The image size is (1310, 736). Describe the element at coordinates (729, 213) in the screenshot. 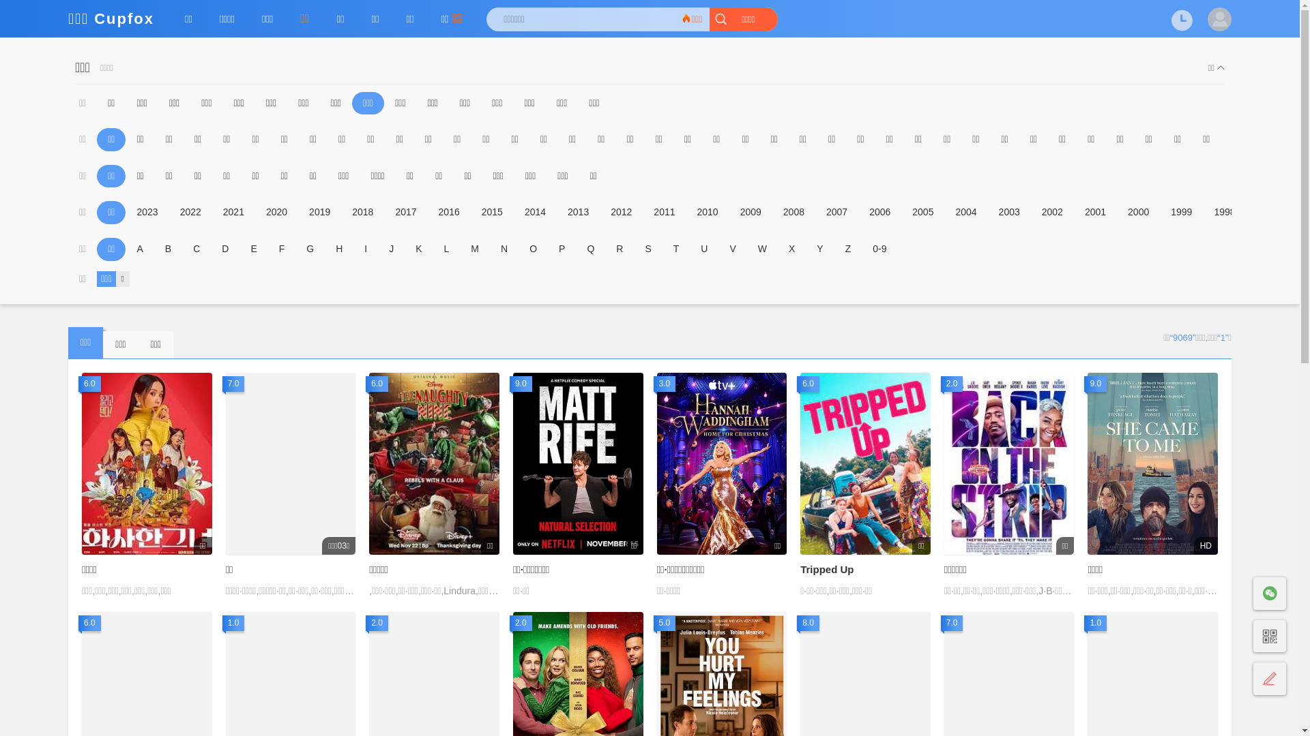

I see `'2009'` at that location.